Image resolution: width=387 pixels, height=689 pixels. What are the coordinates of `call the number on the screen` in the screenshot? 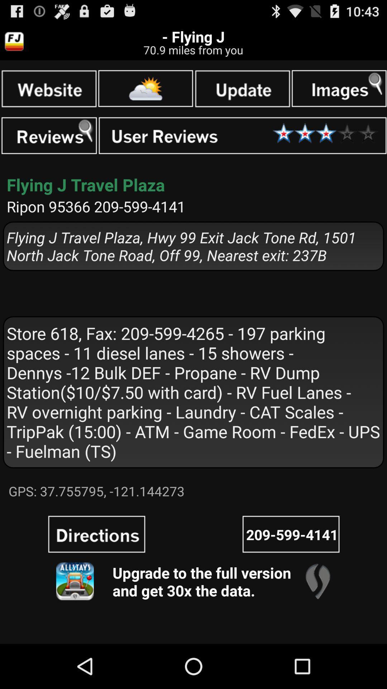 It's located at (291, 534).